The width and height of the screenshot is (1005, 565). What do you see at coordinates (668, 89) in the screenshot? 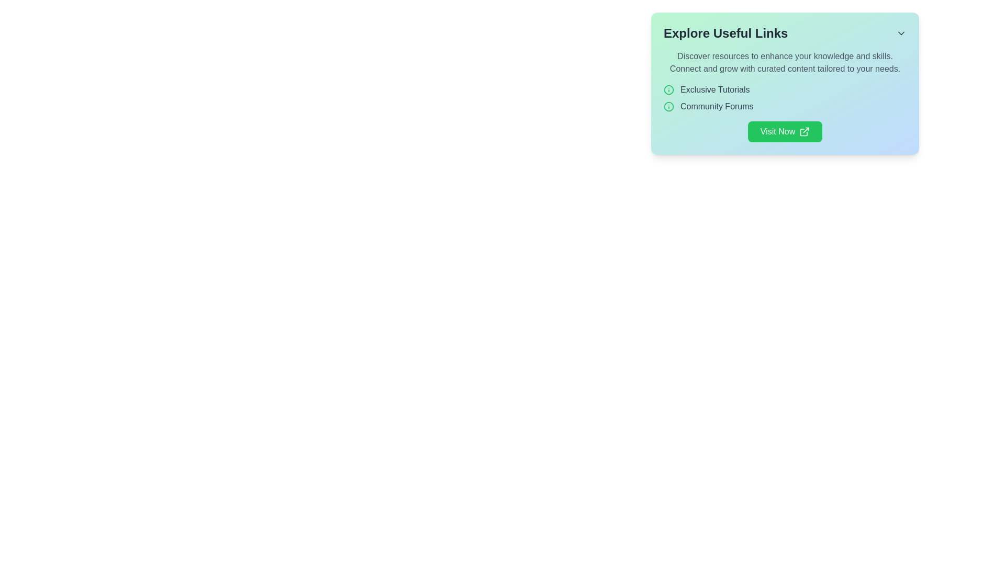
I see `the information or status icon located to the left of the 'Exclusive Tutorials' text and above the 'Community Forums' text` at bounding box center [668, 89].